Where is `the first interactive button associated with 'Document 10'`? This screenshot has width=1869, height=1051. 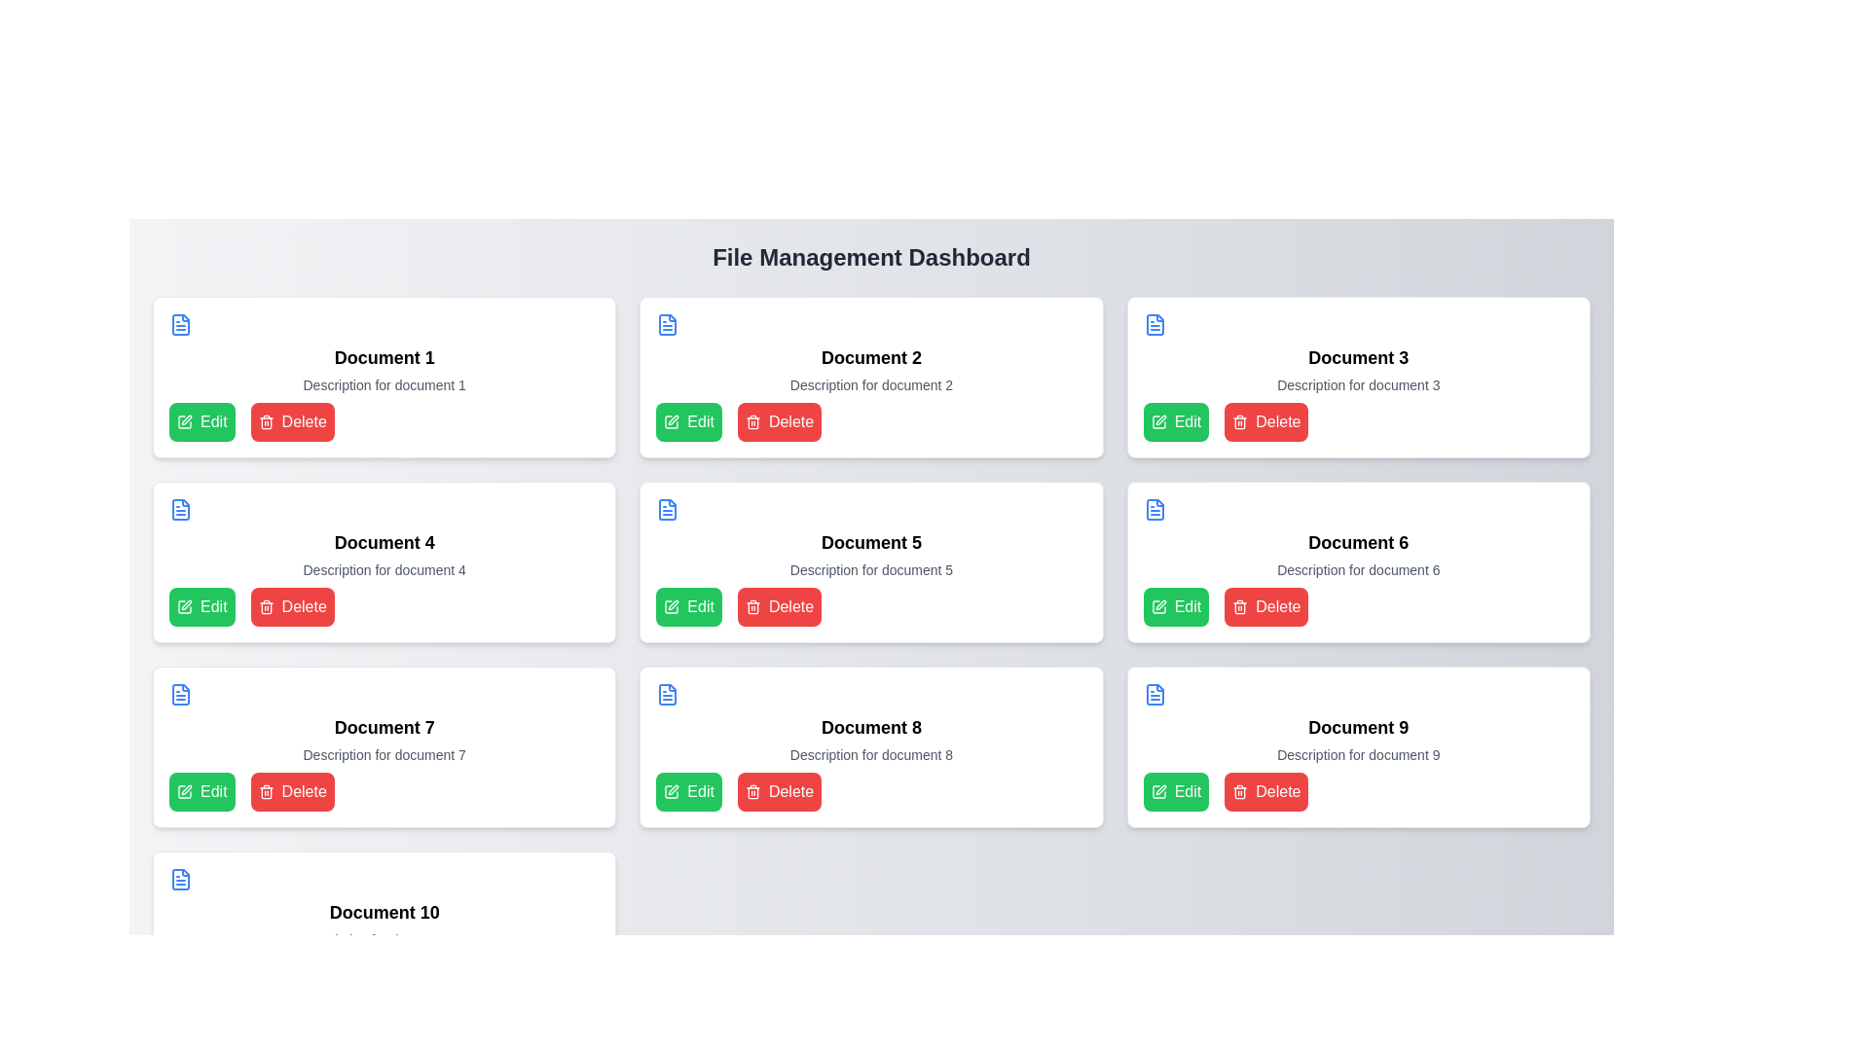 the first interactive button associated with 'Document 10' is located at coordinates (202, 976).